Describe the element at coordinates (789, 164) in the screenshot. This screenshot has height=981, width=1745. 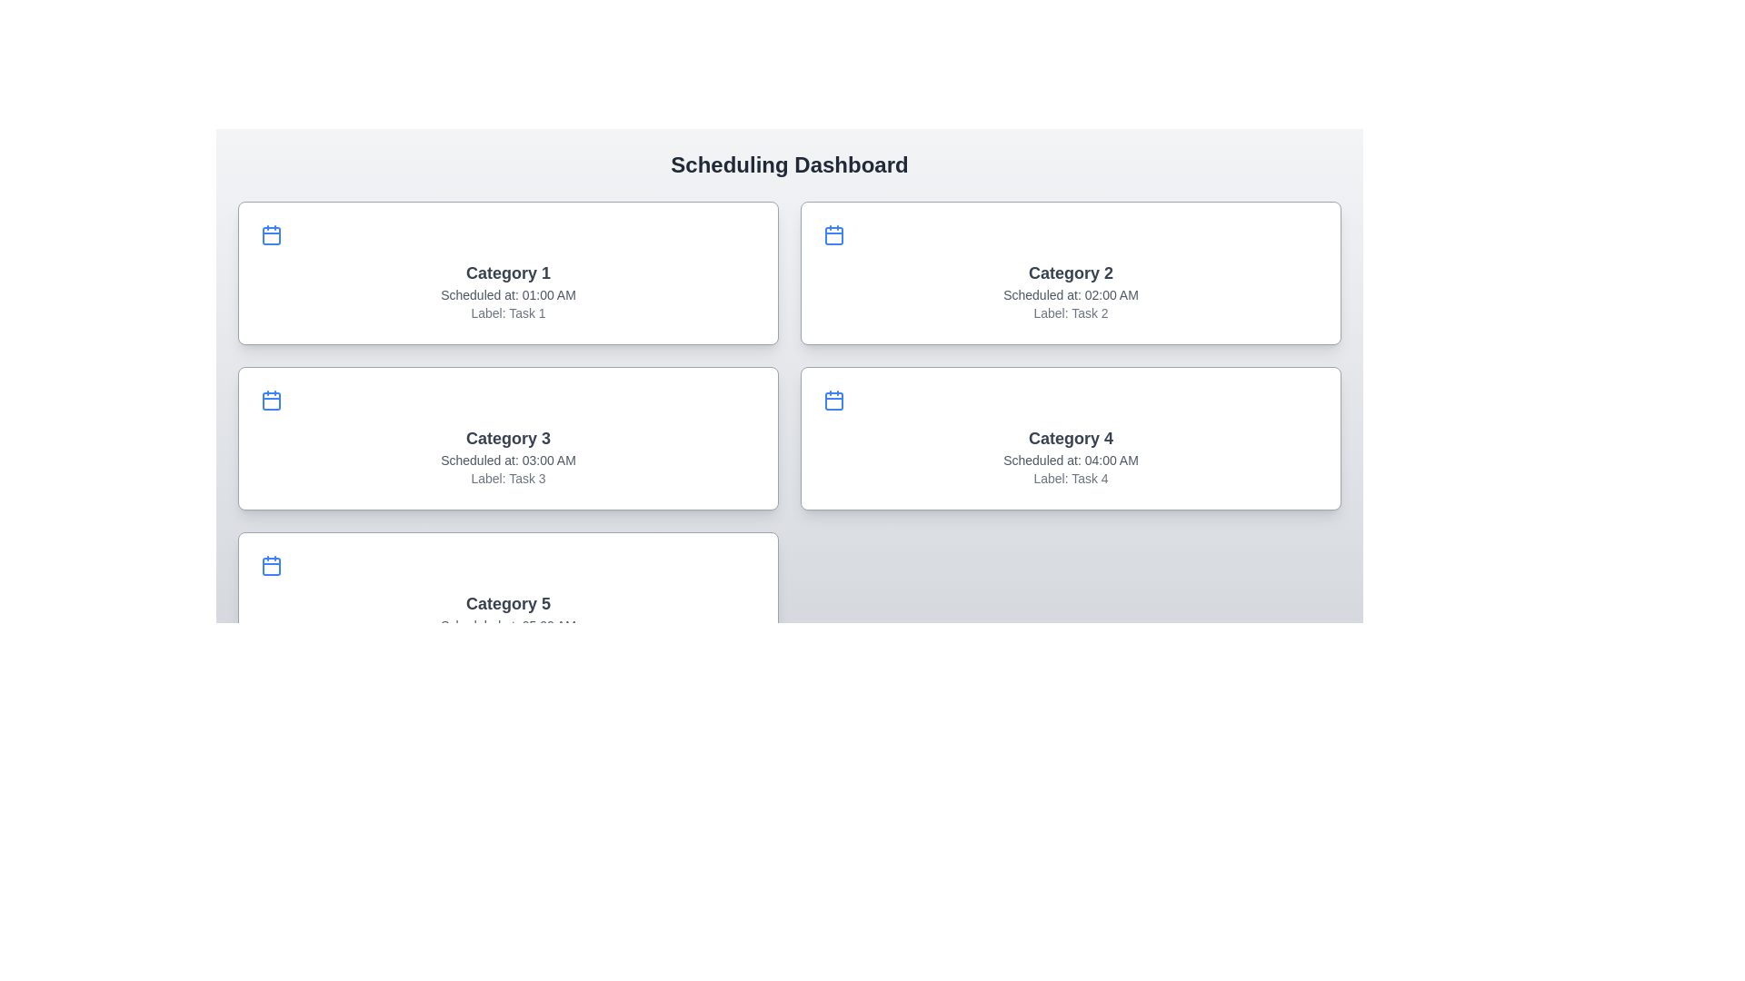
I see `the static text heading indicating the content of the 'Scheduling Dashboard', which is located at the top of the main content area` at that location.